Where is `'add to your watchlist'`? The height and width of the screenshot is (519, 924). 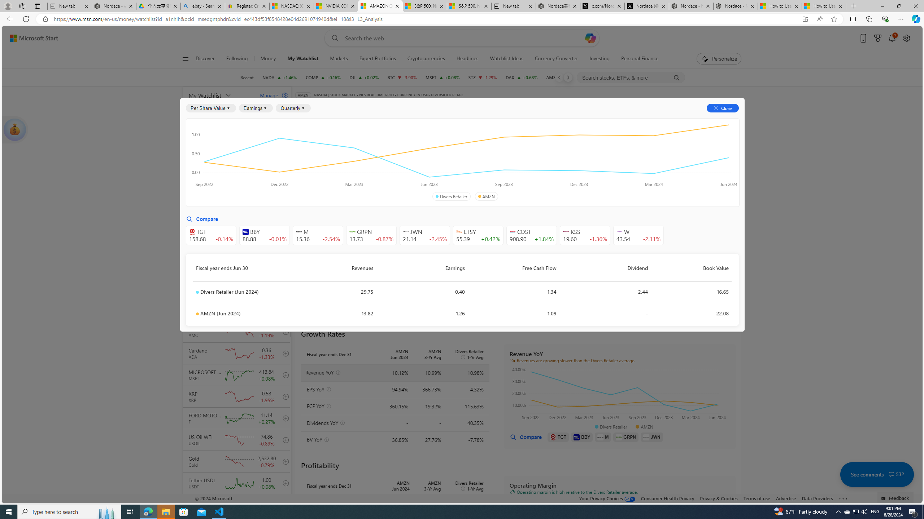
'add to your watchlist' is located at coordinates (284, 504).